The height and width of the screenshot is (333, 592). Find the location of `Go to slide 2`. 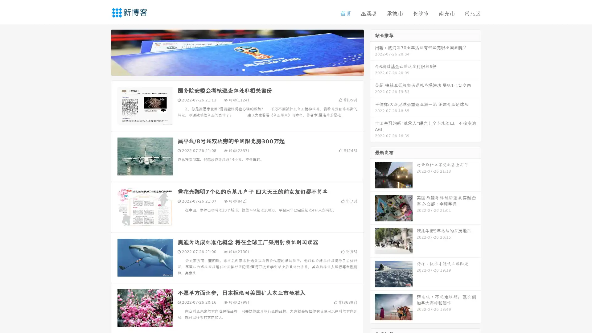

Go to slide 2 is located at coordinates (237, 69).